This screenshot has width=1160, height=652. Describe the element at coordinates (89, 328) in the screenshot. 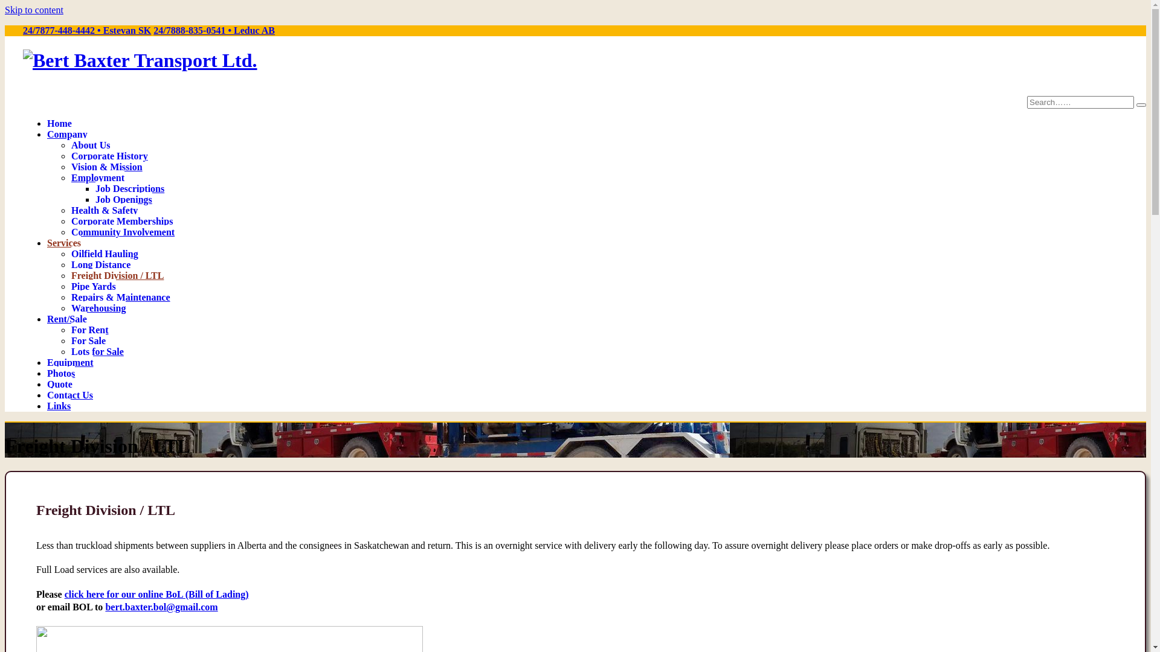

I see `'For Rent'` at that location.